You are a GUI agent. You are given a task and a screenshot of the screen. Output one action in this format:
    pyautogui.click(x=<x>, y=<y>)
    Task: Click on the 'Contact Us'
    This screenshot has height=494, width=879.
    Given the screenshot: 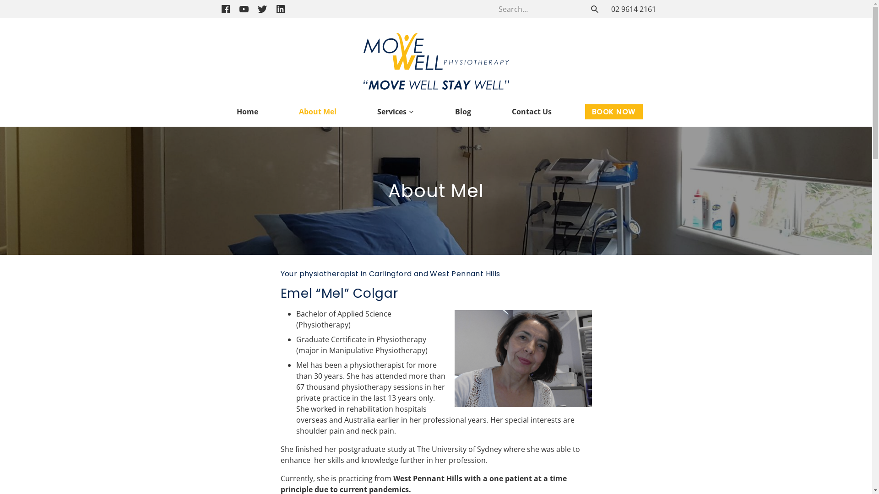 What is the action you would take?
    pyautogui.click(x=504, y=111)
    